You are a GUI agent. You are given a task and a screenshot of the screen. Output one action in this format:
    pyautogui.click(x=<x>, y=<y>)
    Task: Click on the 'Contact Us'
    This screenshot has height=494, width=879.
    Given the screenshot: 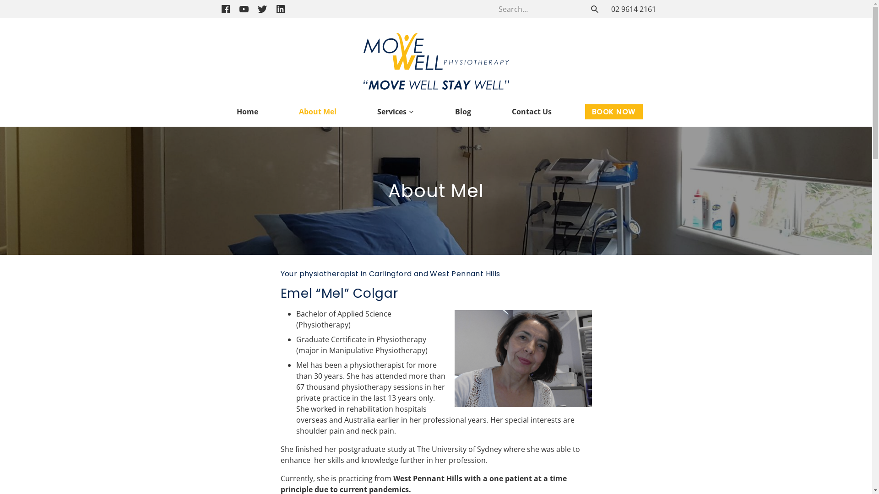 What is the action you would take?
    pyautogui.click(x=504, y=111)
    